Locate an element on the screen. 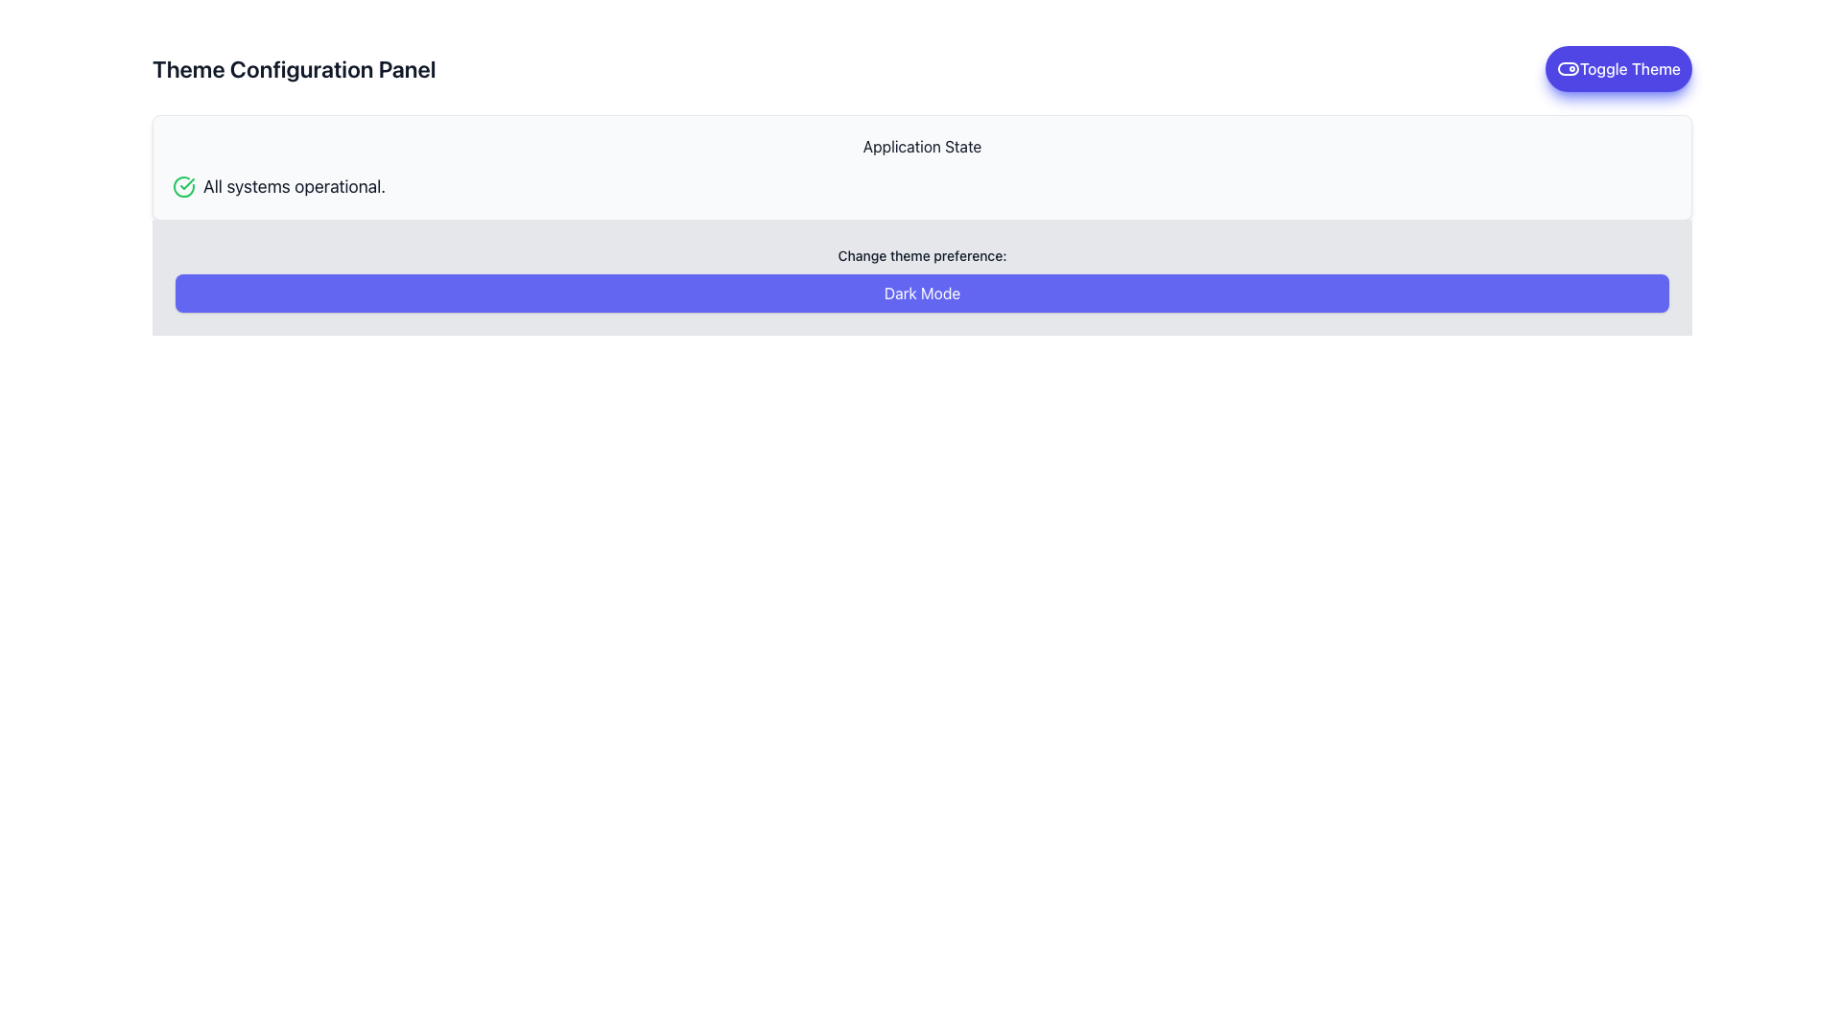 The image size is (1842, 1036). the text label displaying 'All systems operational.', which is positioned to the right of a green checkmark icon, indicating a positive operational status is located at coordinates (294, 187).